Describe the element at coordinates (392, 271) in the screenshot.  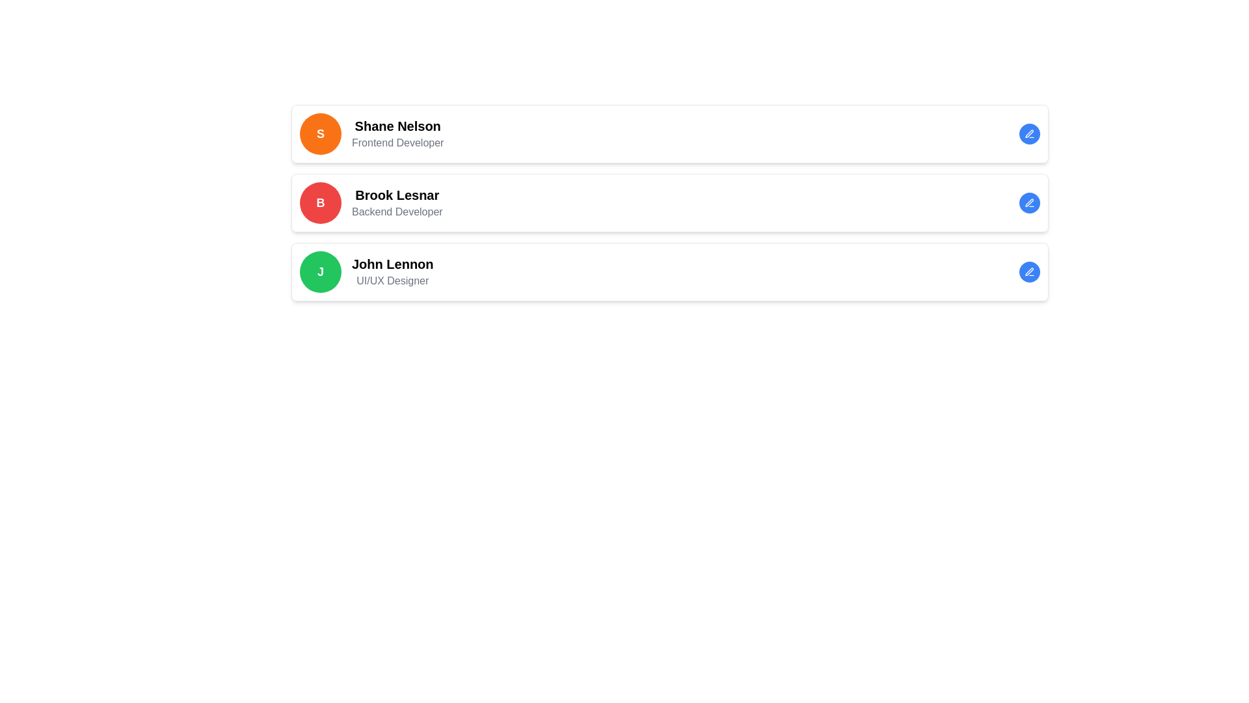
I see `the text block displaying 'John Lennon' in bold and 'UI/UX Designer' in a smaller font, located in the third user profile of the list` at that location.